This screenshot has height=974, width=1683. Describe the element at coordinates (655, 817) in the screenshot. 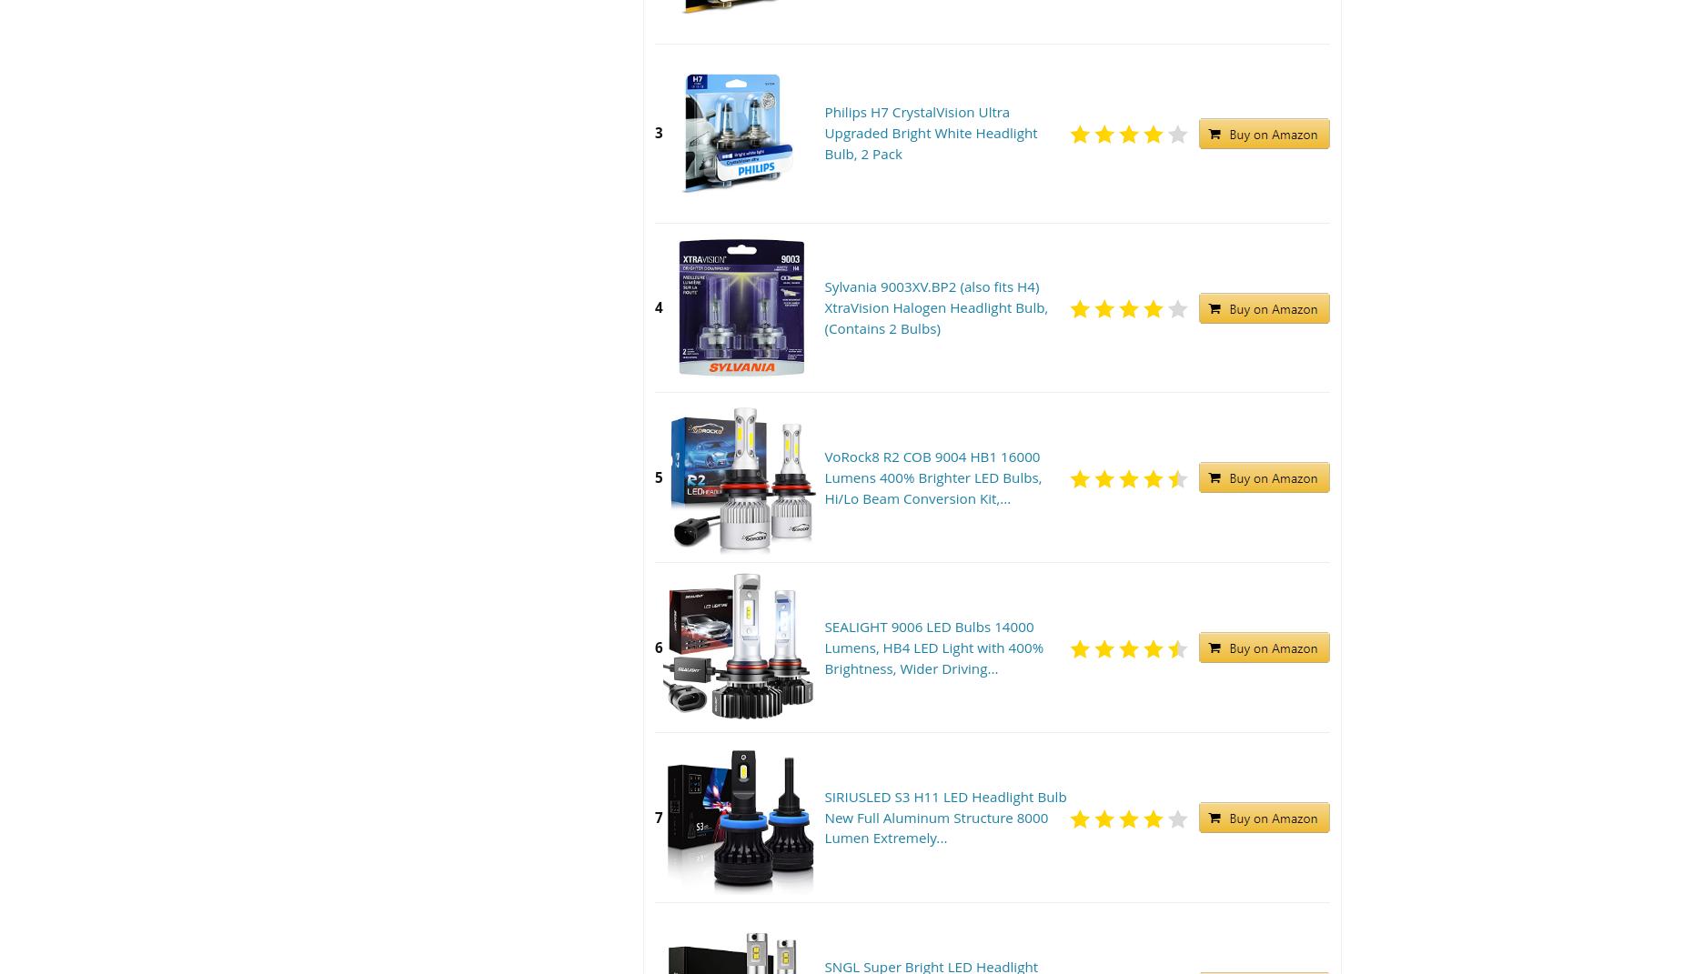

I see `'7'` at that location.